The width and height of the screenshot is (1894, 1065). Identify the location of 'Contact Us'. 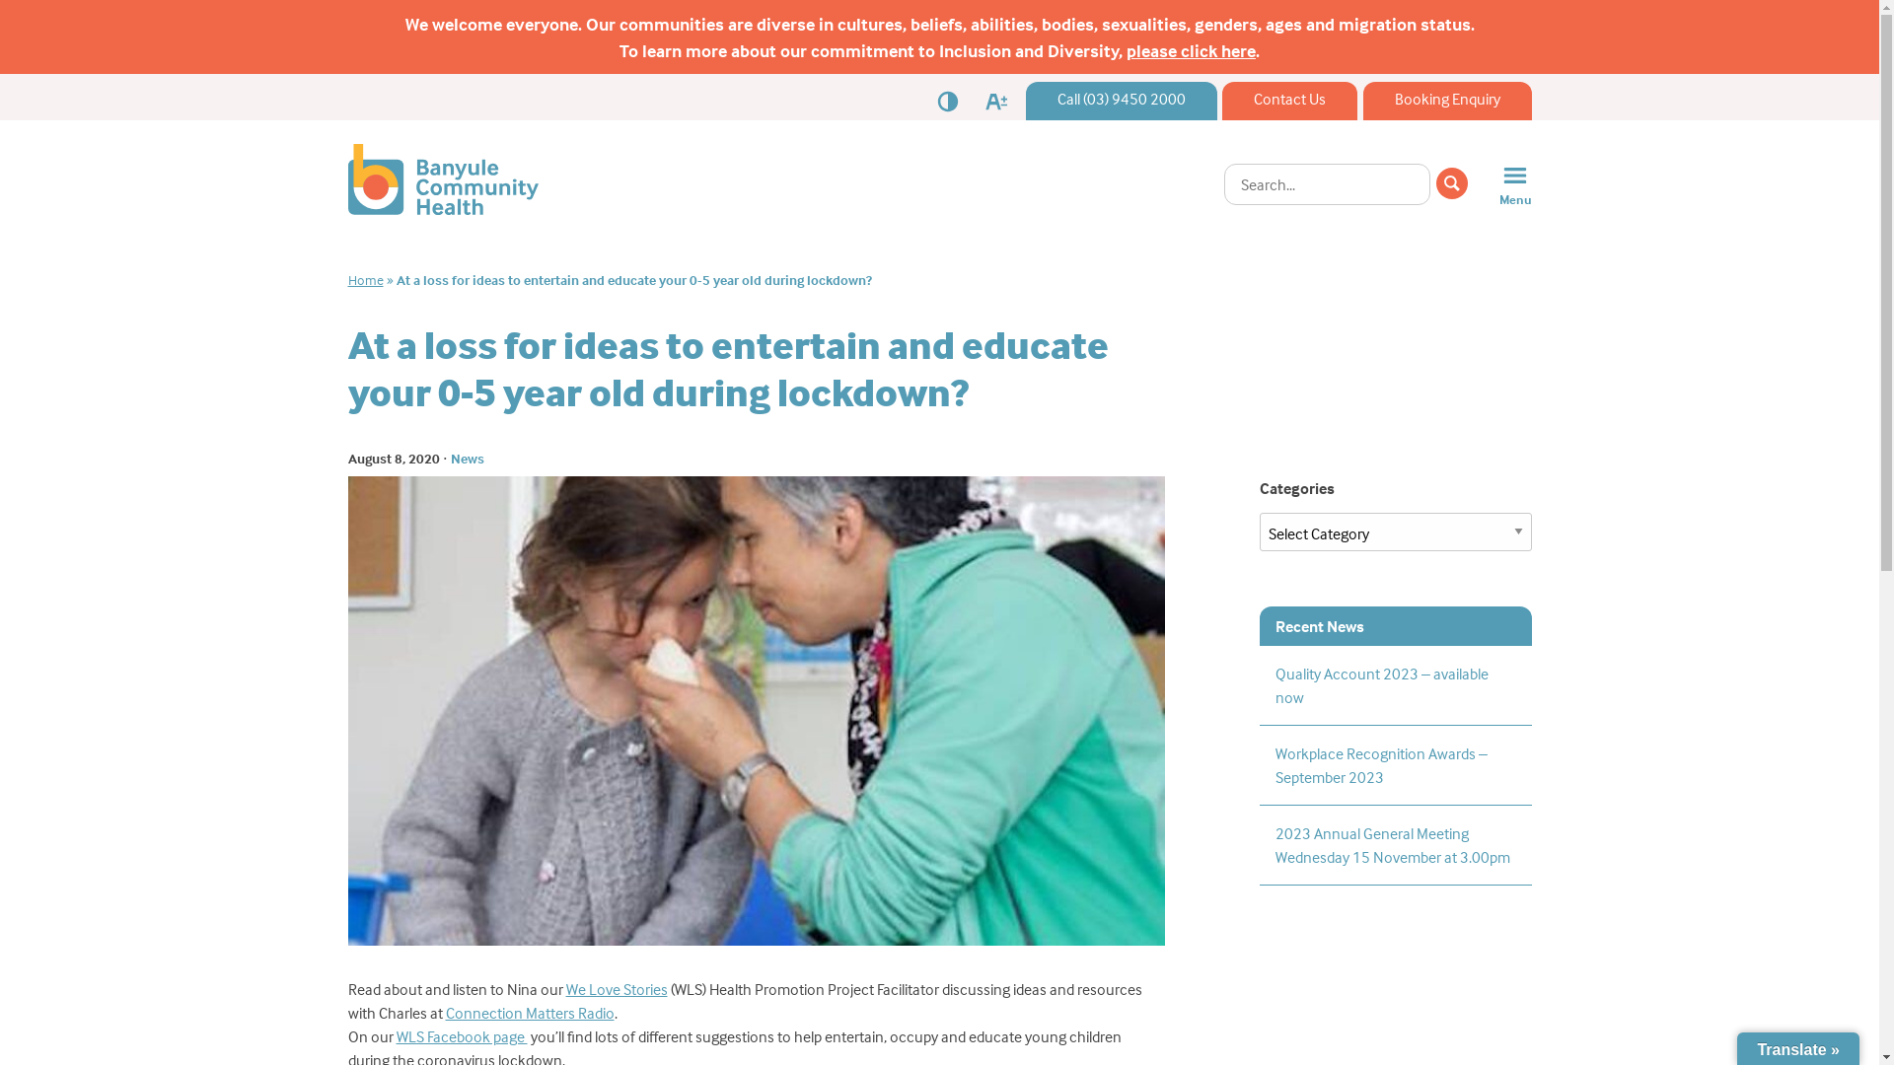
(1289, 99).